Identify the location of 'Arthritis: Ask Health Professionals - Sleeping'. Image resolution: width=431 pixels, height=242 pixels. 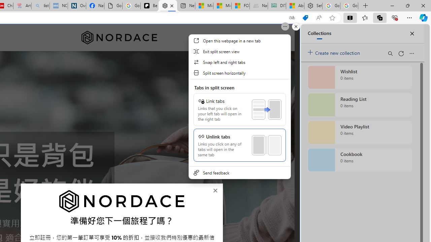
(22, 6).